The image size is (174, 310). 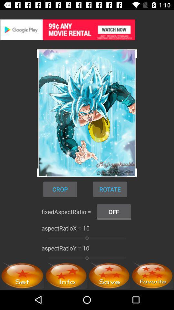 I want to click on info, so click(x=66, y=275).